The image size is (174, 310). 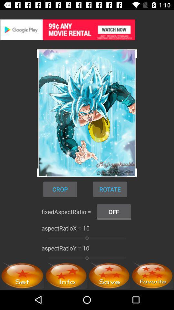 I want to click on info, so click(x=66, y=275).